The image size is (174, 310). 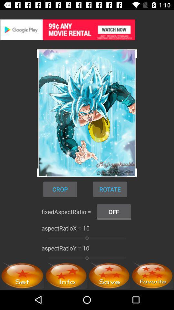 I want to click on info, so click(x=66, y=275).